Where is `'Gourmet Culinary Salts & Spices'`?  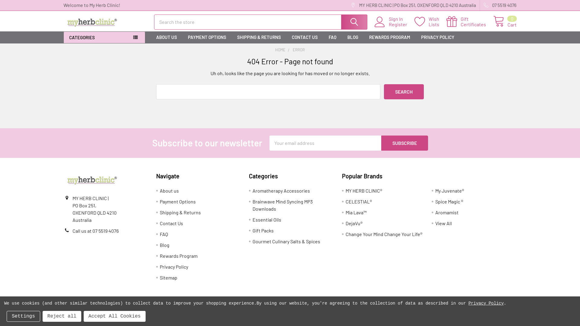
'Gourmet Culinary Salts & Spices' is located at coordinates (286, 241).